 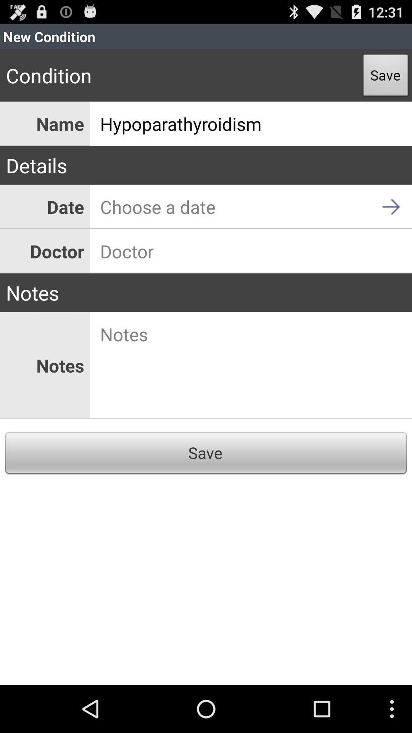 I want to click on icon above doctor icon, so click(x=251, y=207).